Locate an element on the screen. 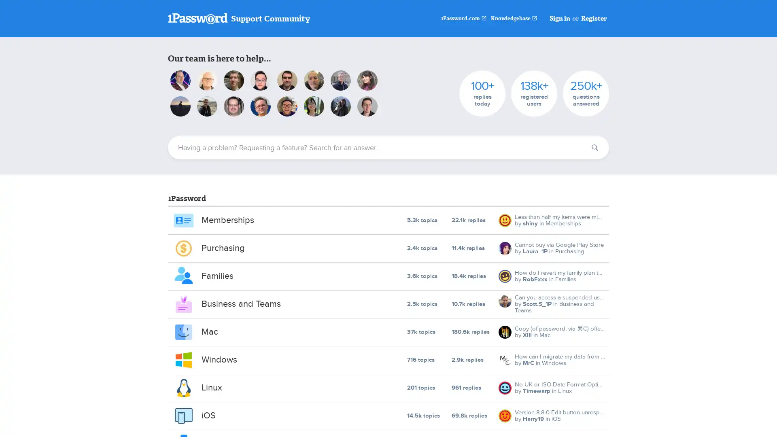 The height and width of the screenshot is (437, 777). Go is located at coordinates (594, 148).